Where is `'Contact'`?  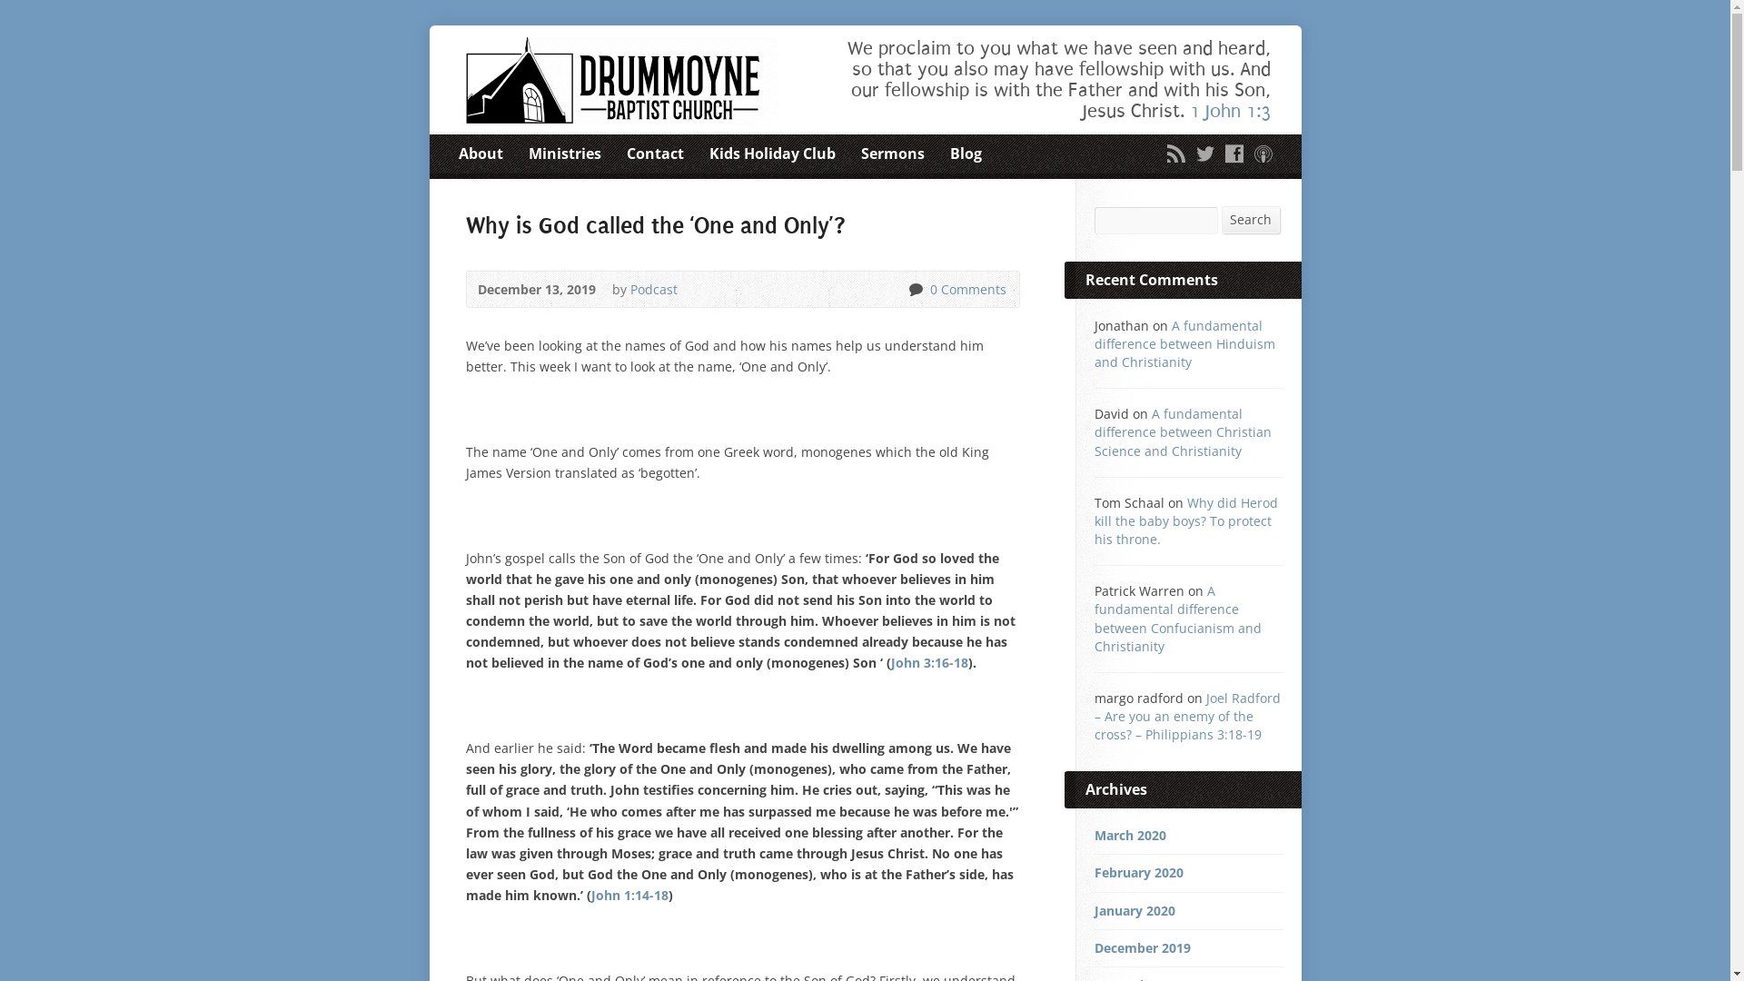
'Contact' is located at coordinates (627, 153).